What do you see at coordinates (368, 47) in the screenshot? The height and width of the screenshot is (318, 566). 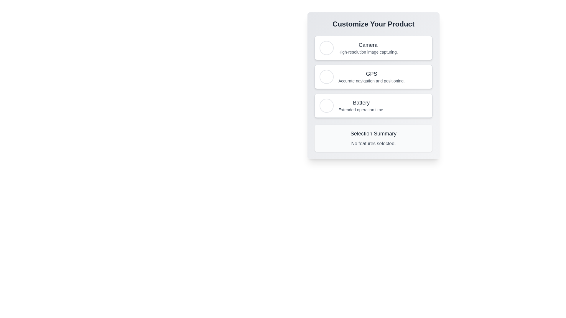 I see `descriptive text label for the 'Camera' option in the product customization menu, located beneath the circular icon and above the 'GPS' option` at bounding box center [368, 47].